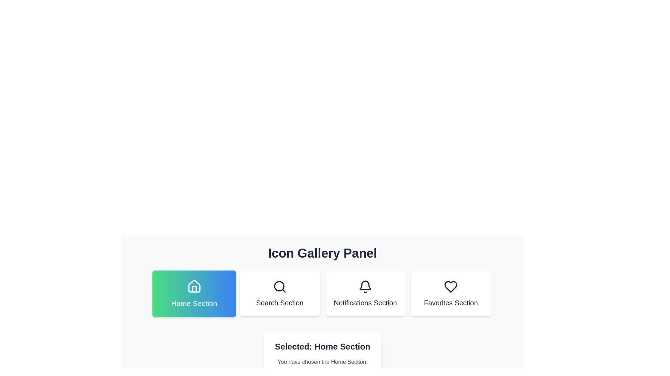  Describe the element at coordinates (365, 303) in the screenshot. I see `the 'Notifications Section' text label, which is a bold label centered within a card-like box with rounded corners and a shadow effect, located third from the left in a row of similar boxes` at that location.